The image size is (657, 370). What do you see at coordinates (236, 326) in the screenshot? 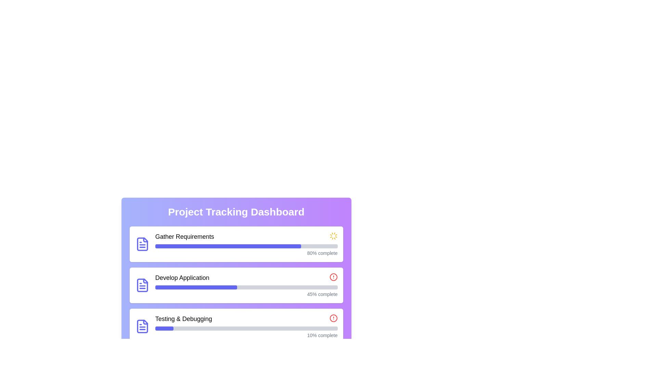
I see `the progress bar widget representing the progress of the 'Testing & Debugging' task to interact with it` at bounding box center [236, 326].